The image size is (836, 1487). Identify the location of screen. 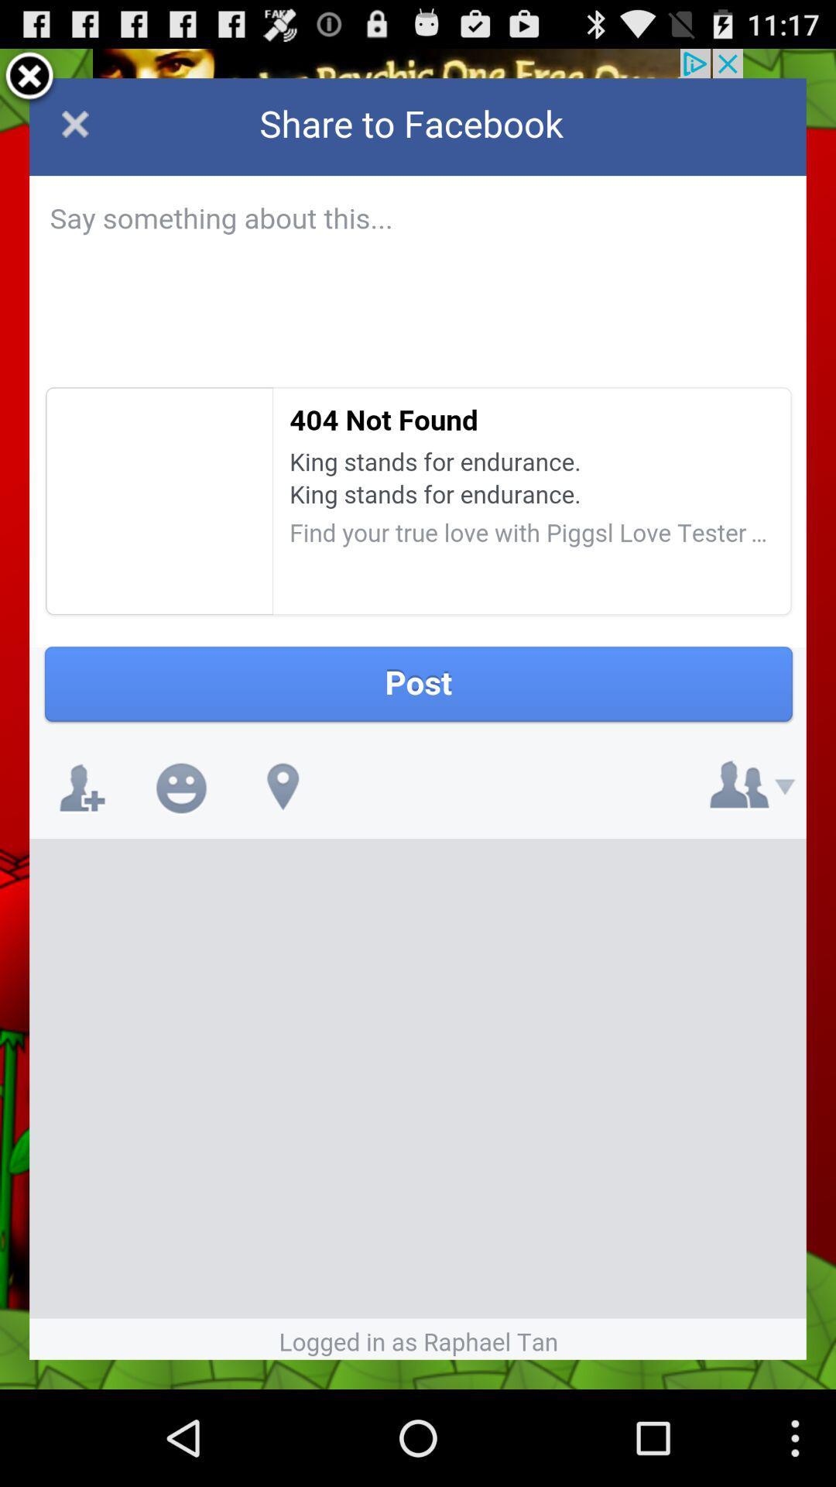
(29, 77).